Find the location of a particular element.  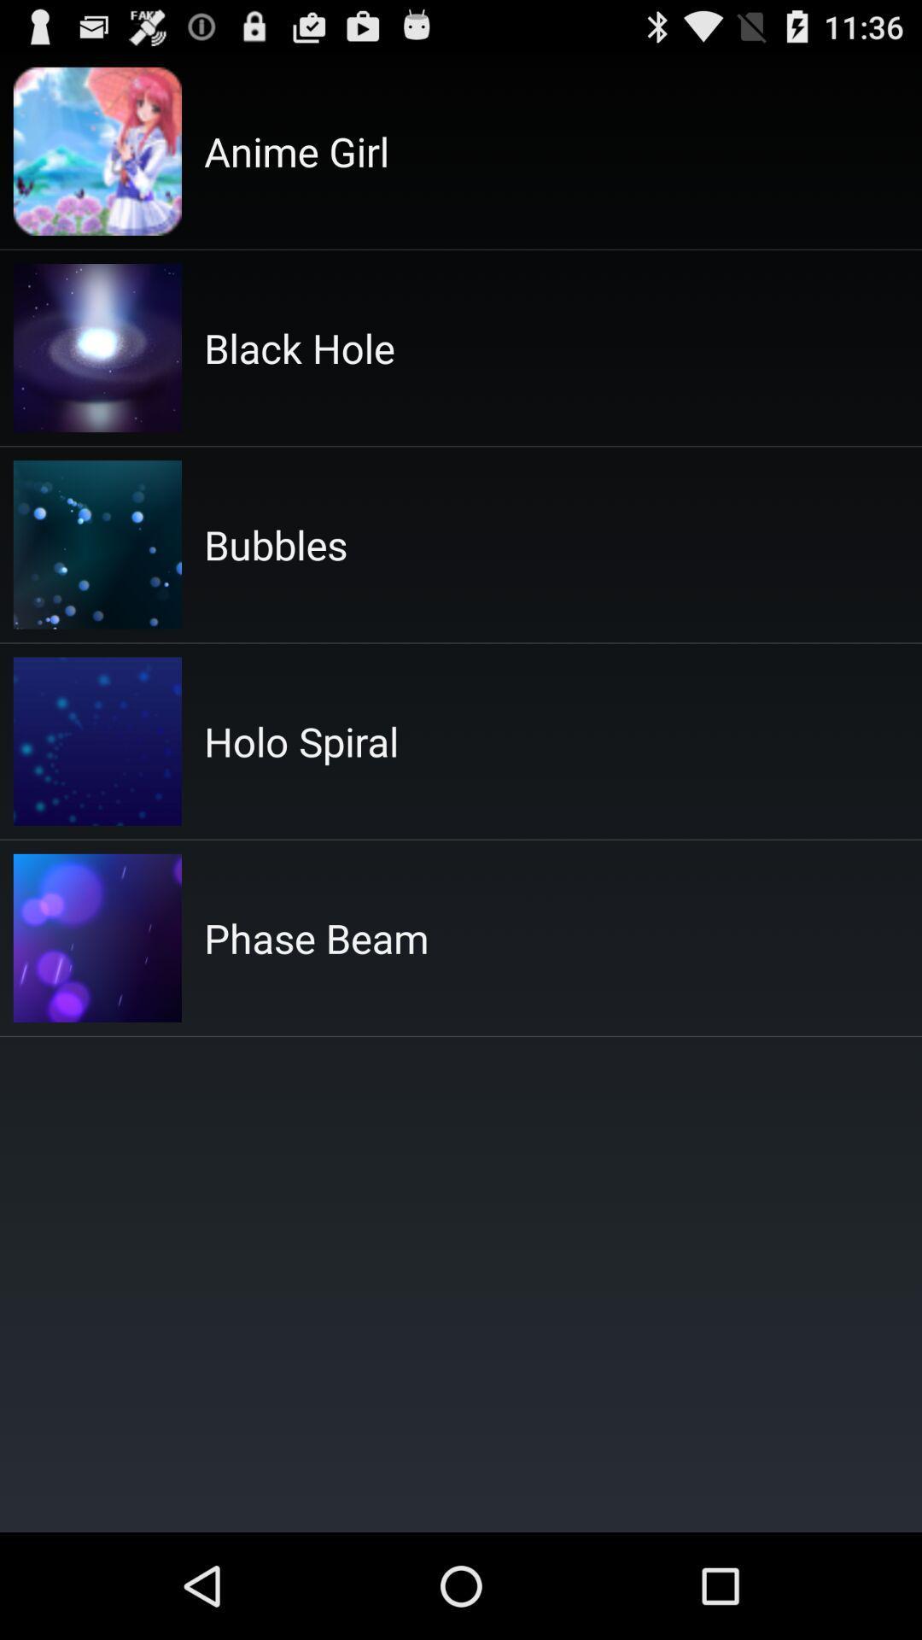

item below bubbles is located at coordinates (301, 741).